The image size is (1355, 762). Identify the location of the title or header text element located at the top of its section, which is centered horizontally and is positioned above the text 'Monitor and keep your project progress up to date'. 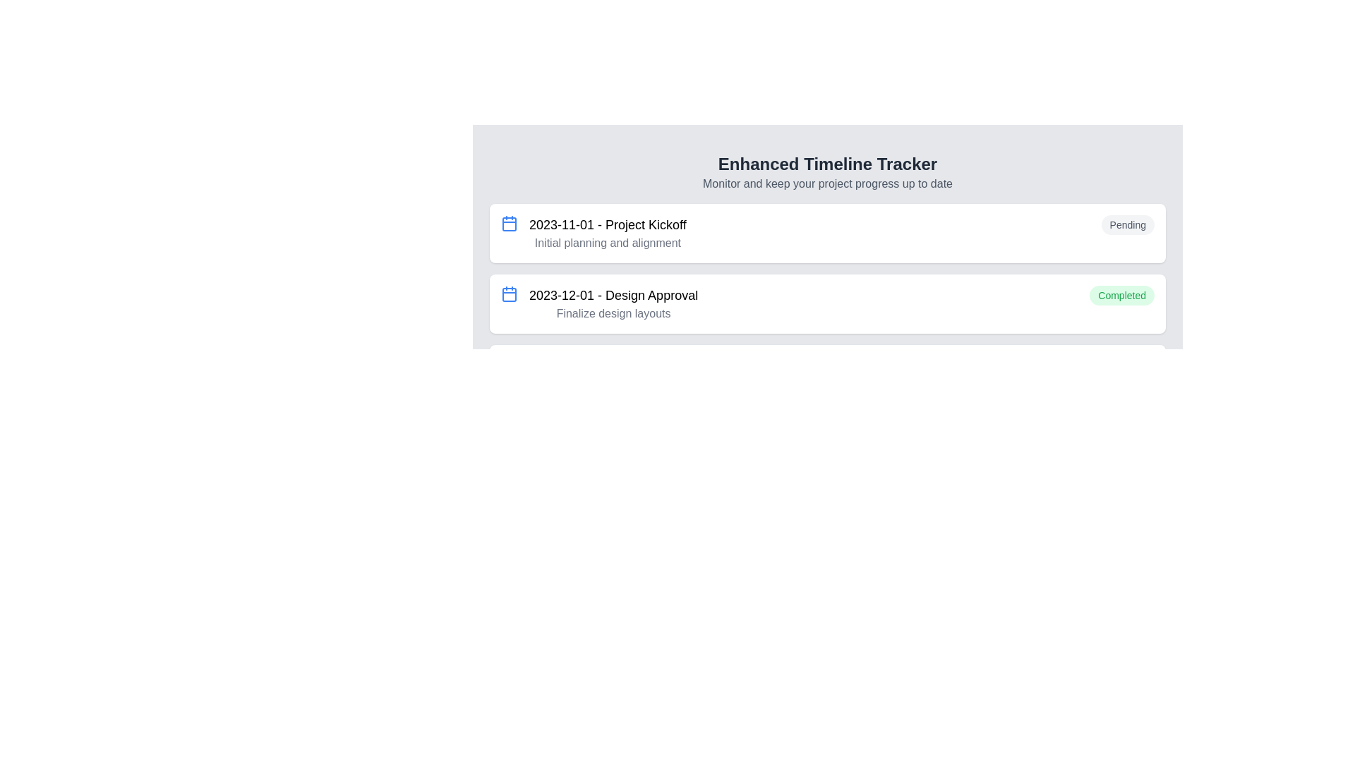
(827, 163).